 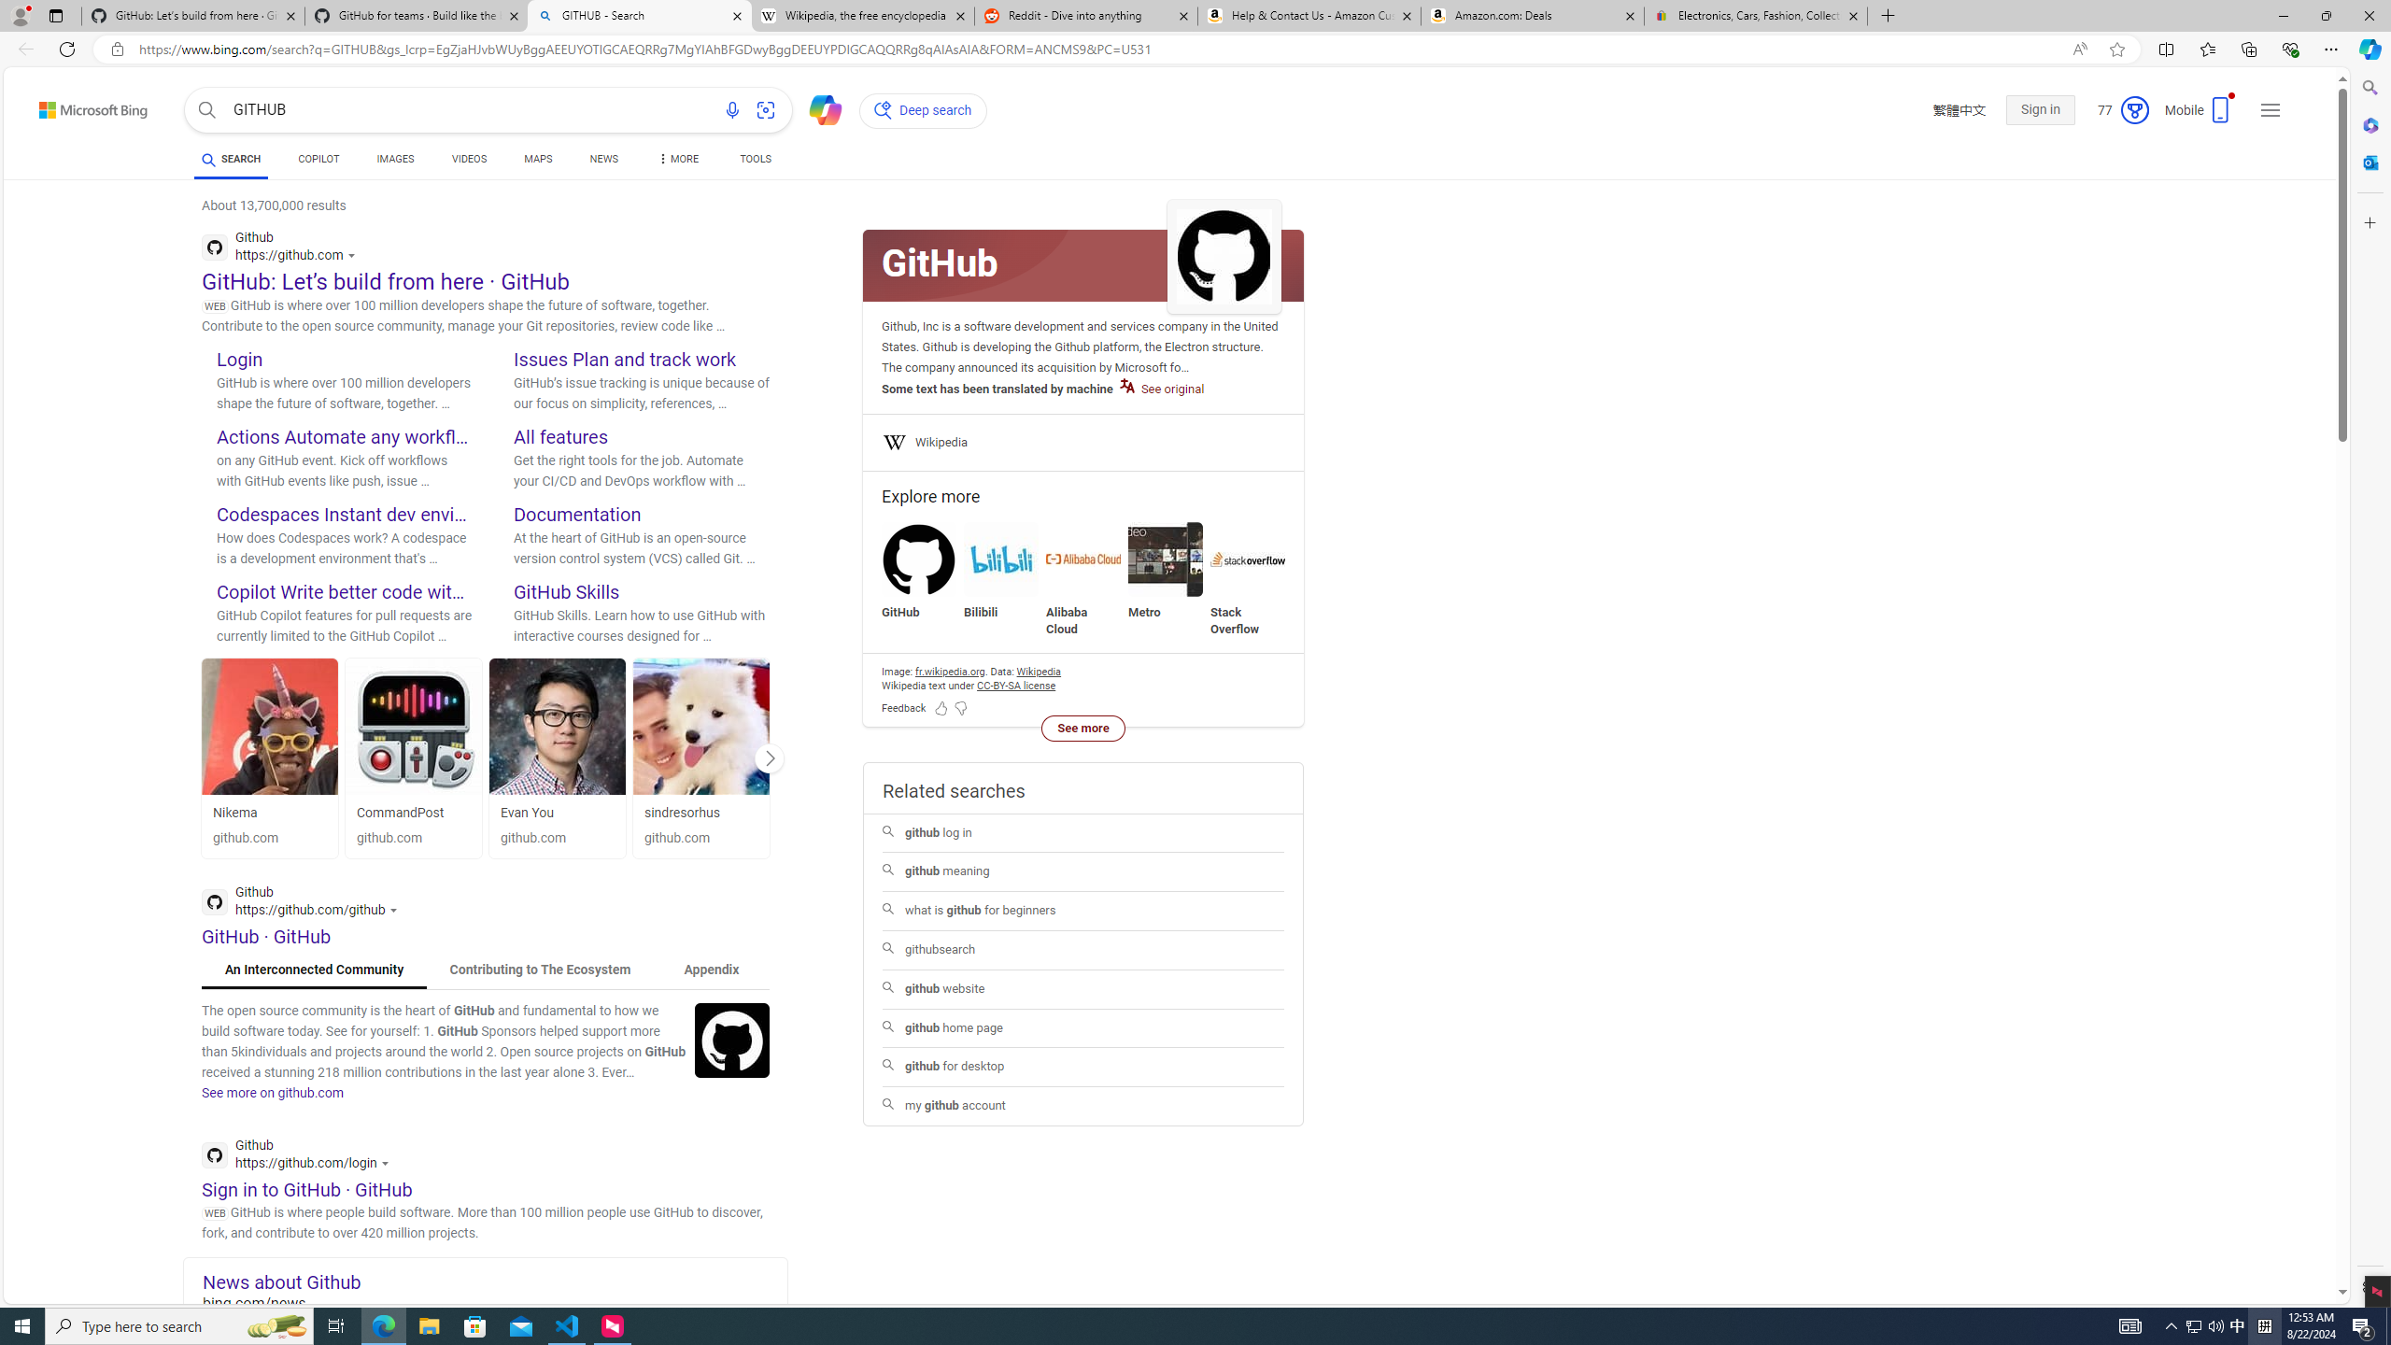 I want to click on 'Image attribution fr.wikipedia.org', so click(x=949, y=672).